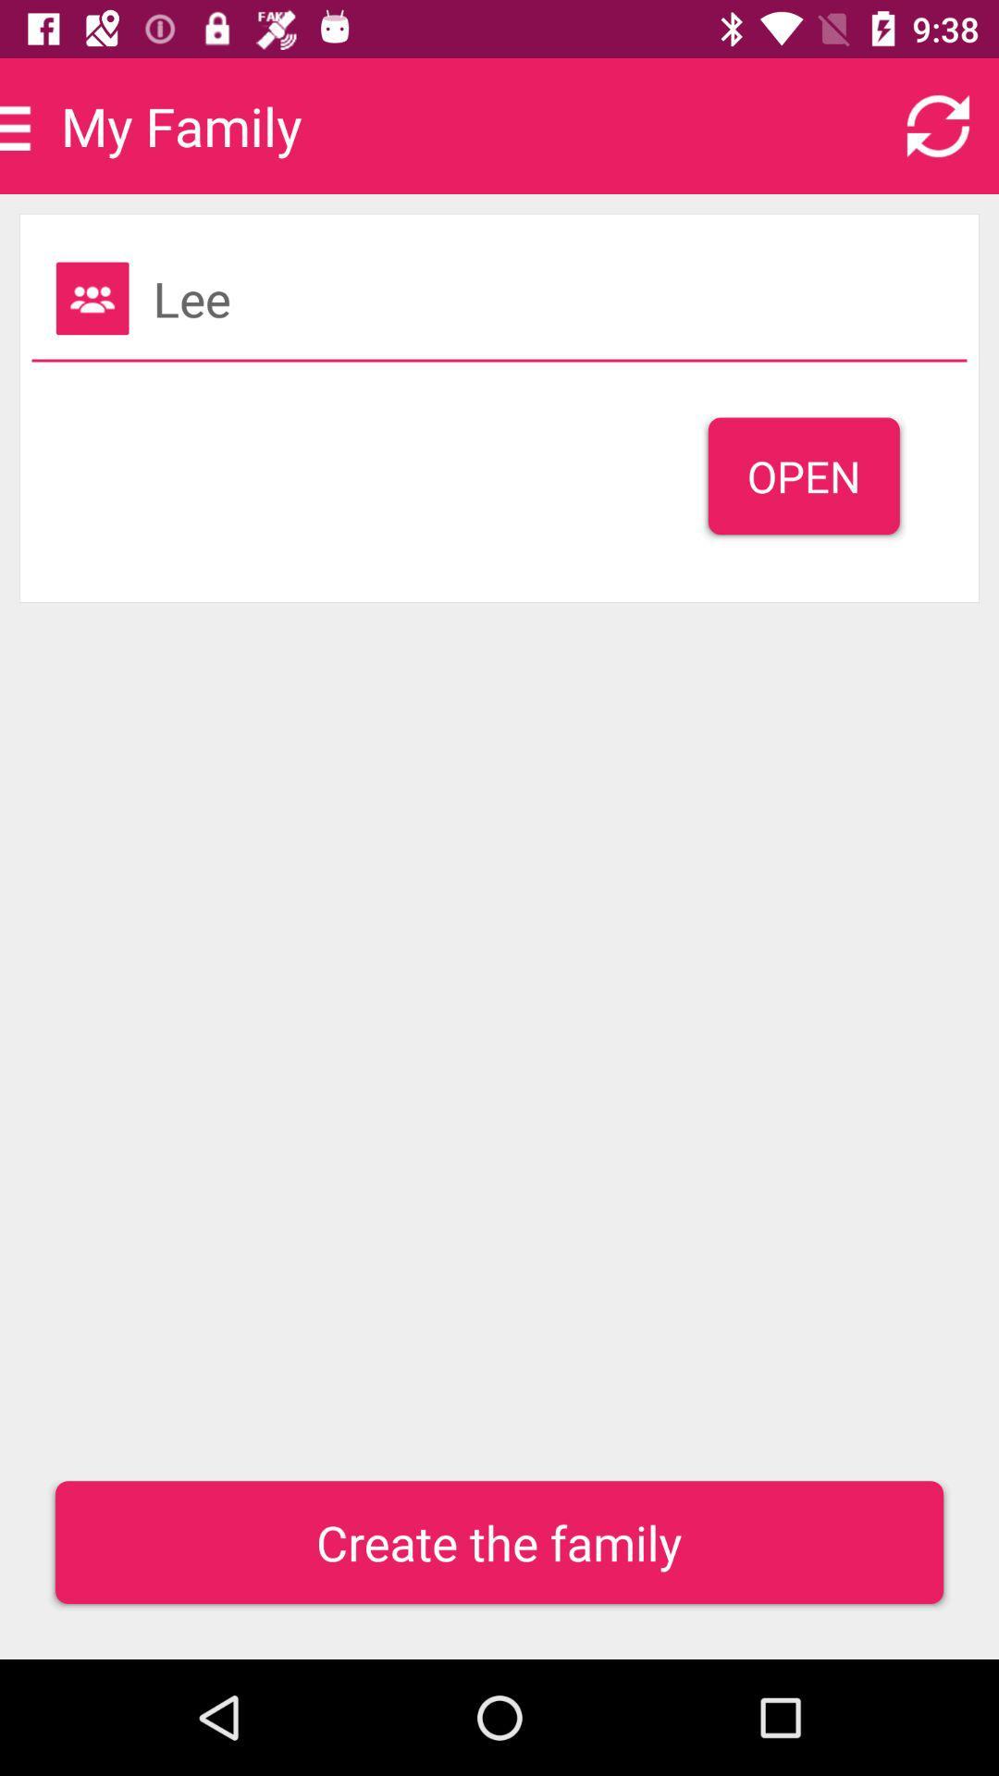 The width and height of the screenshot is (999, 1776). What do you see at coordinates (938, 125) in the screenshot?
I see `refresh page` at bounding box center [938, 125].